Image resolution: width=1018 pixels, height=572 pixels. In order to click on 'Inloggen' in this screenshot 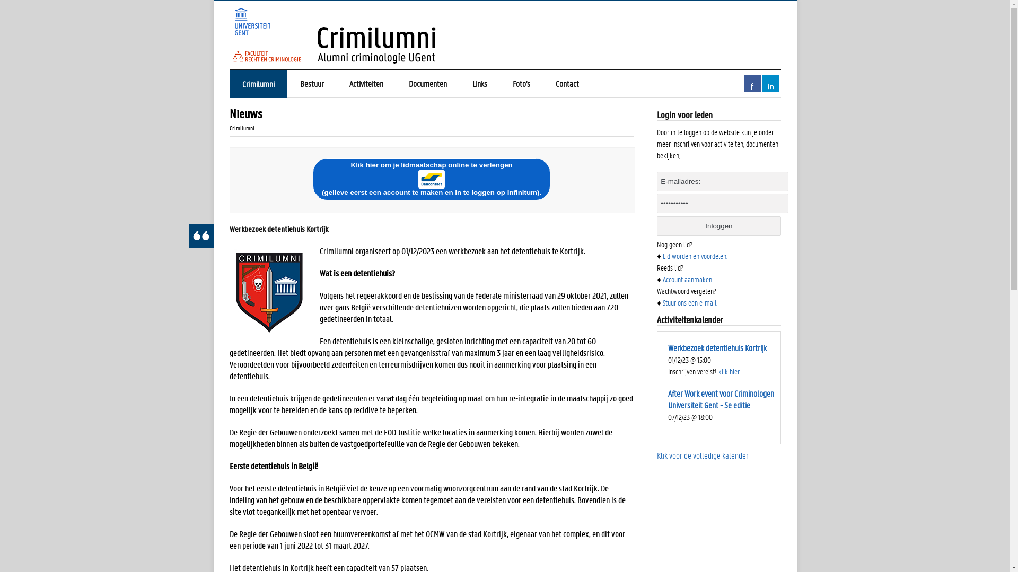, I will do `click(718, 225)`.